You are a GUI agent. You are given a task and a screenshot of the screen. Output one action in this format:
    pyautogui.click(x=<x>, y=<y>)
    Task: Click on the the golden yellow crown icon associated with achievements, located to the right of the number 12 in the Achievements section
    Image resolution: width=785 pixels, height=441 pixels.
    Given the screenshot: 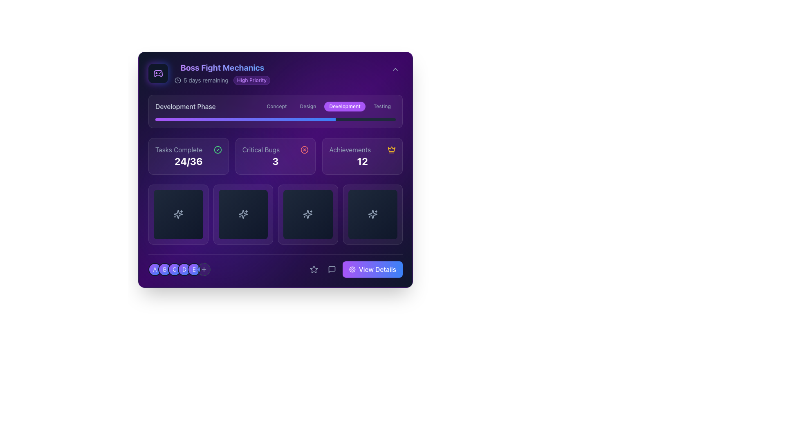 What is the action you would take?
    pyautogui.click(x=391, y=149)
    